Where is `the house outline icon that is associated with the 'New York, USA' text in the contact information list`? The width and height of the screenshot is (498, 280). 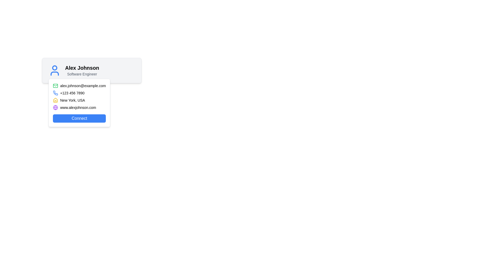
the house outline icon that is associated with the 'New York, USA' text in the contact information list is located at coordinates (56, 100).